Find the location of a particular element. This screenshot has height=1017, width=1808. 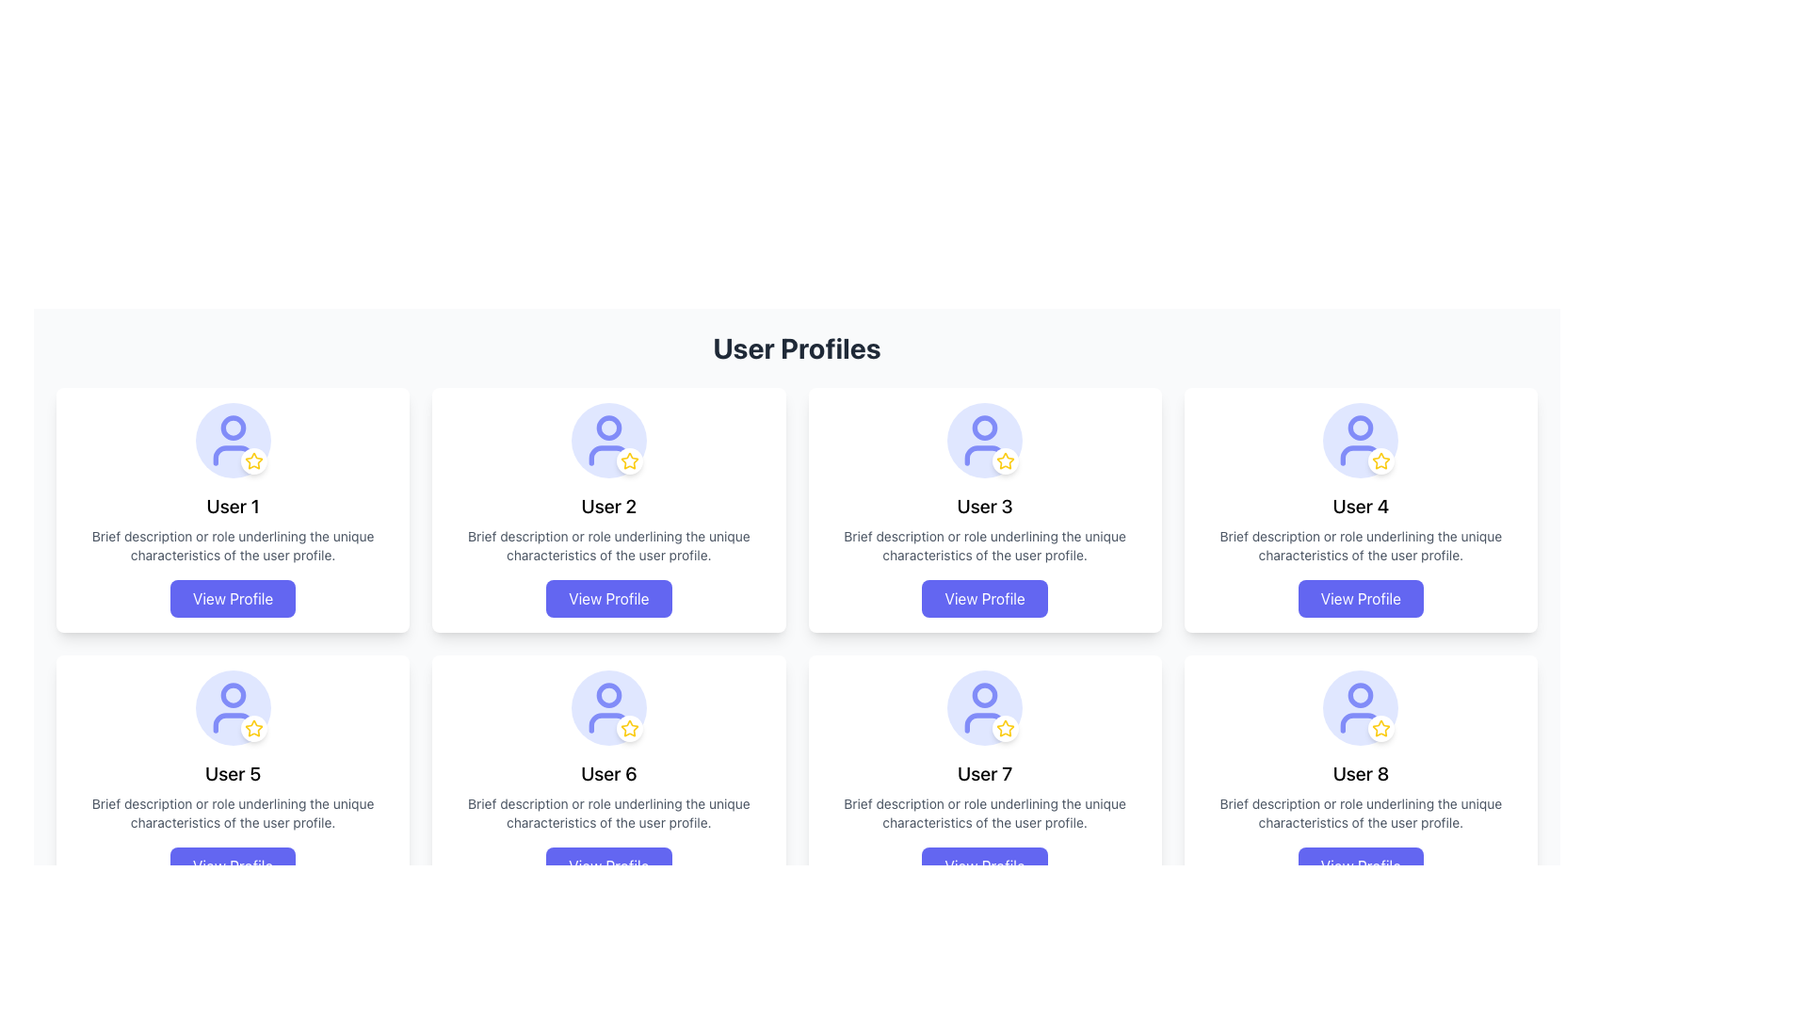

the decorative graphic element within the head region of User 6's avatar, located in the second row and second column of the user profile grid is located at coordinates (608, 695).